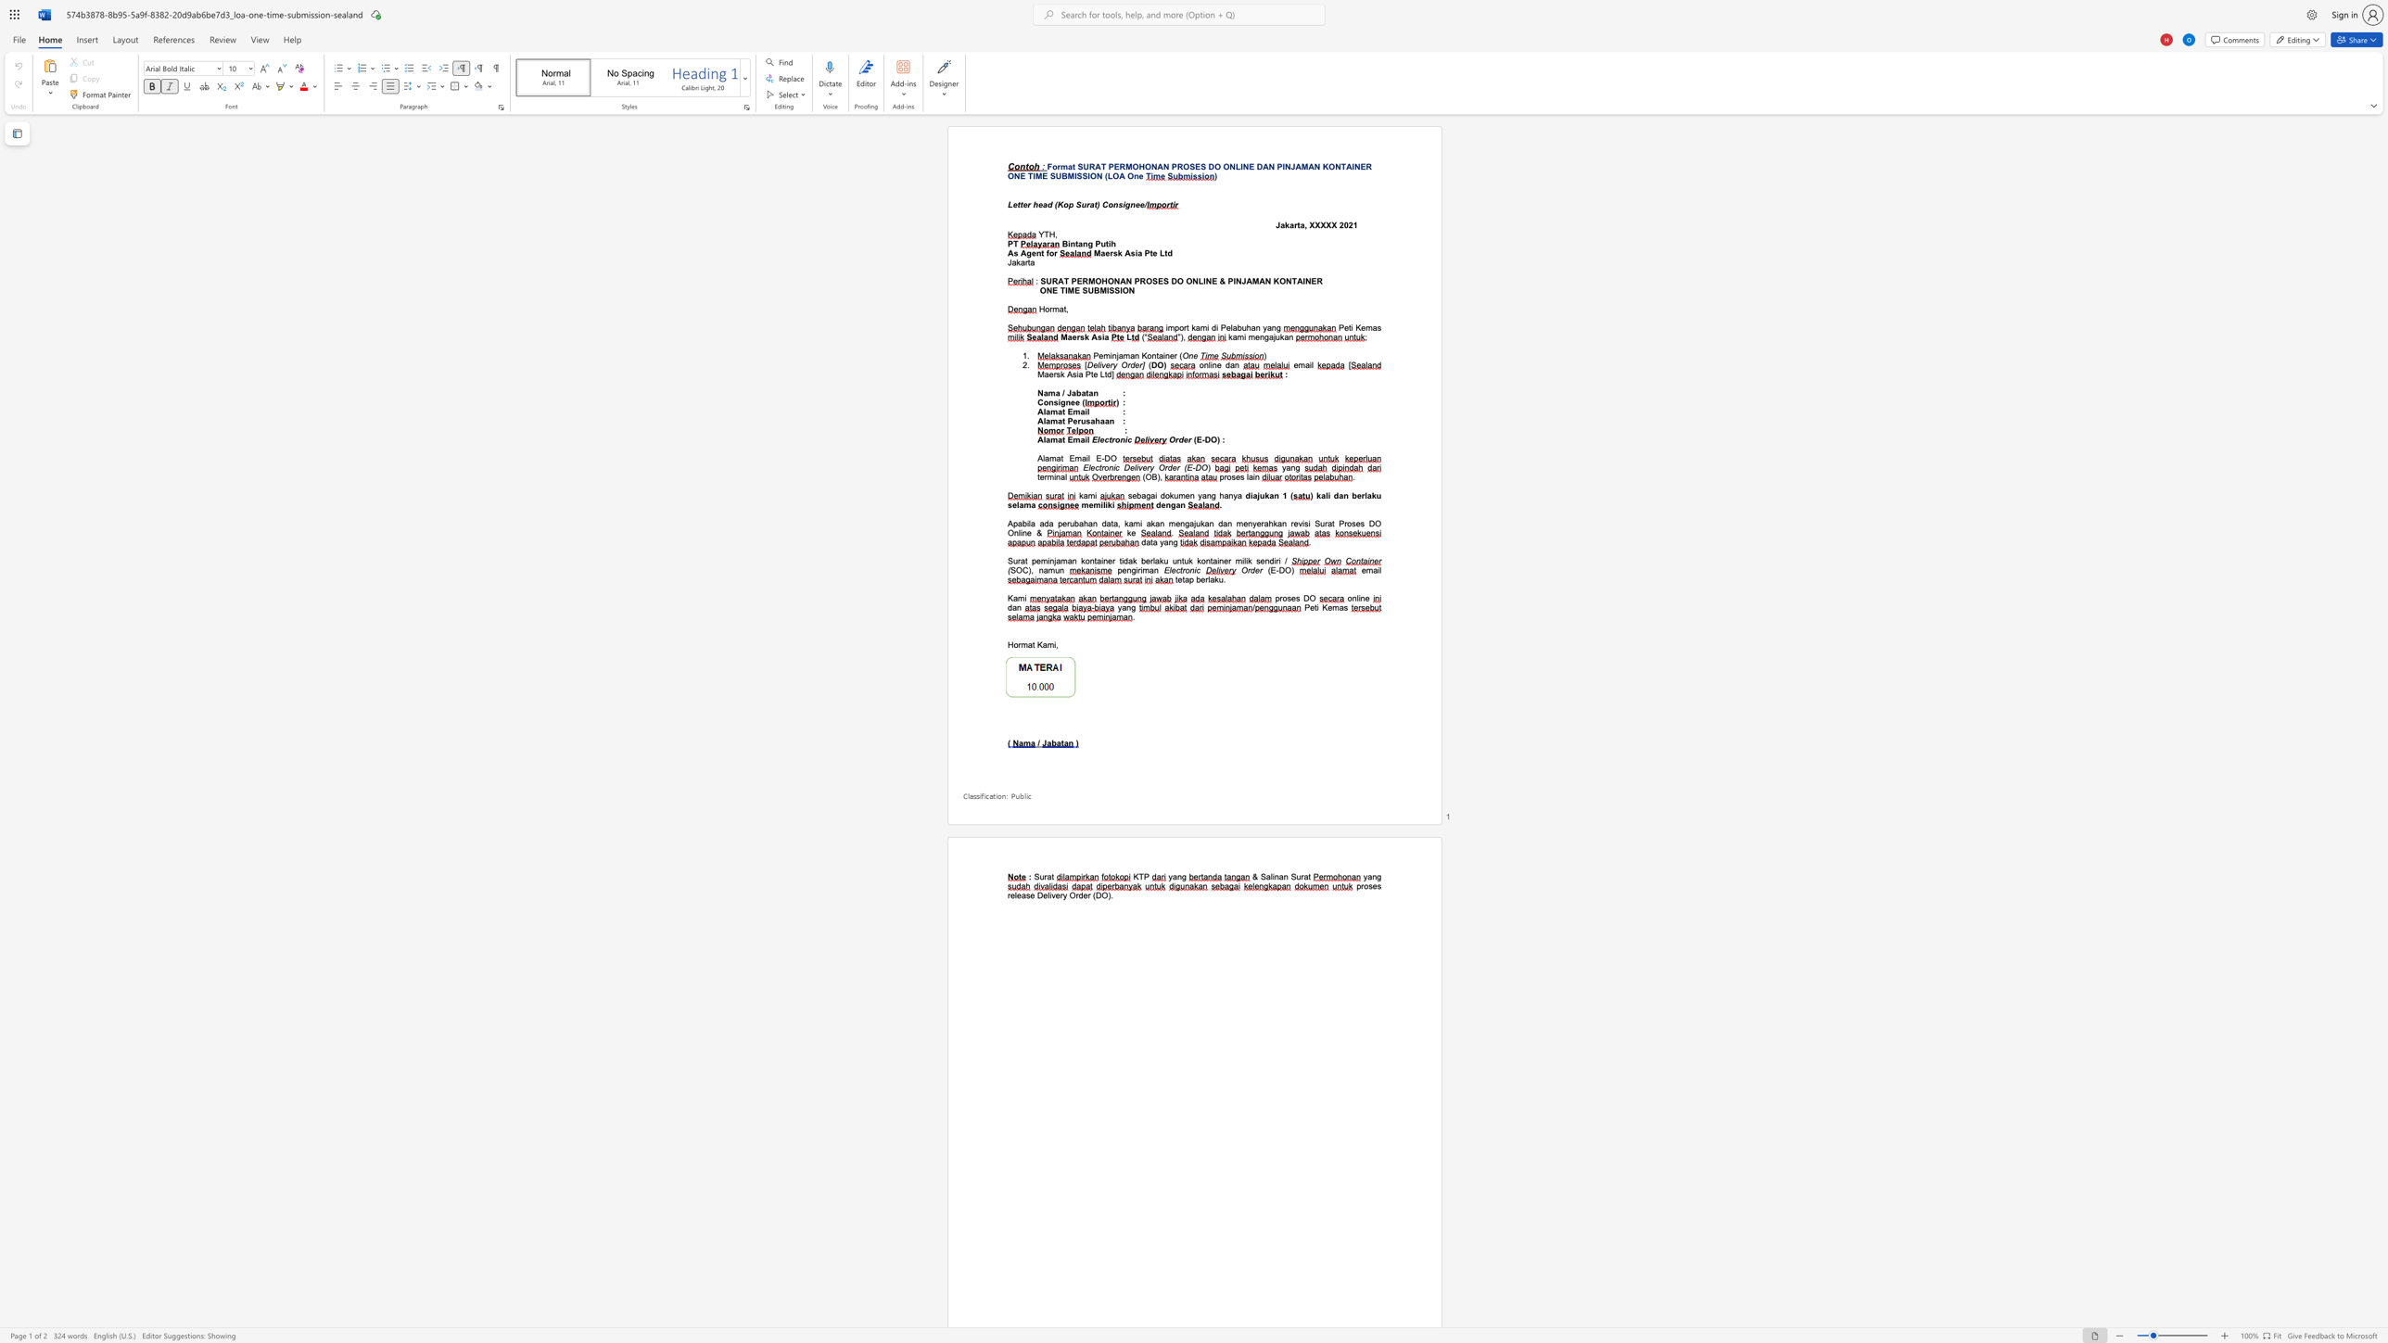  Describe the element at coordinates (1100, 244) in the screenshot. I see `the space between the continuous character "P" and "u" in the text` at that location.